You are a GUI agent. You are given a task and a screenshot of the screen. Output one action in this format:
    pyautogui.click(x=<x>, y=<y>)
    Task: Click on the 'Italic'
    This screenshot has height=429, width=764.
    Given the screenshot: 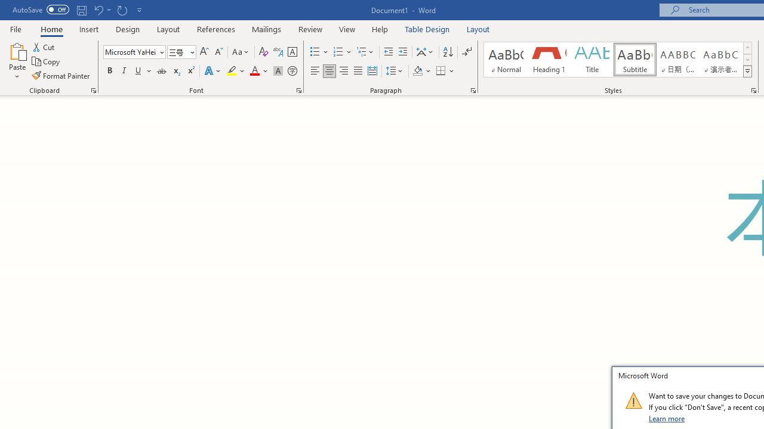 What is the action you would take?
    pyautogui.click(x=124, y=71)
    